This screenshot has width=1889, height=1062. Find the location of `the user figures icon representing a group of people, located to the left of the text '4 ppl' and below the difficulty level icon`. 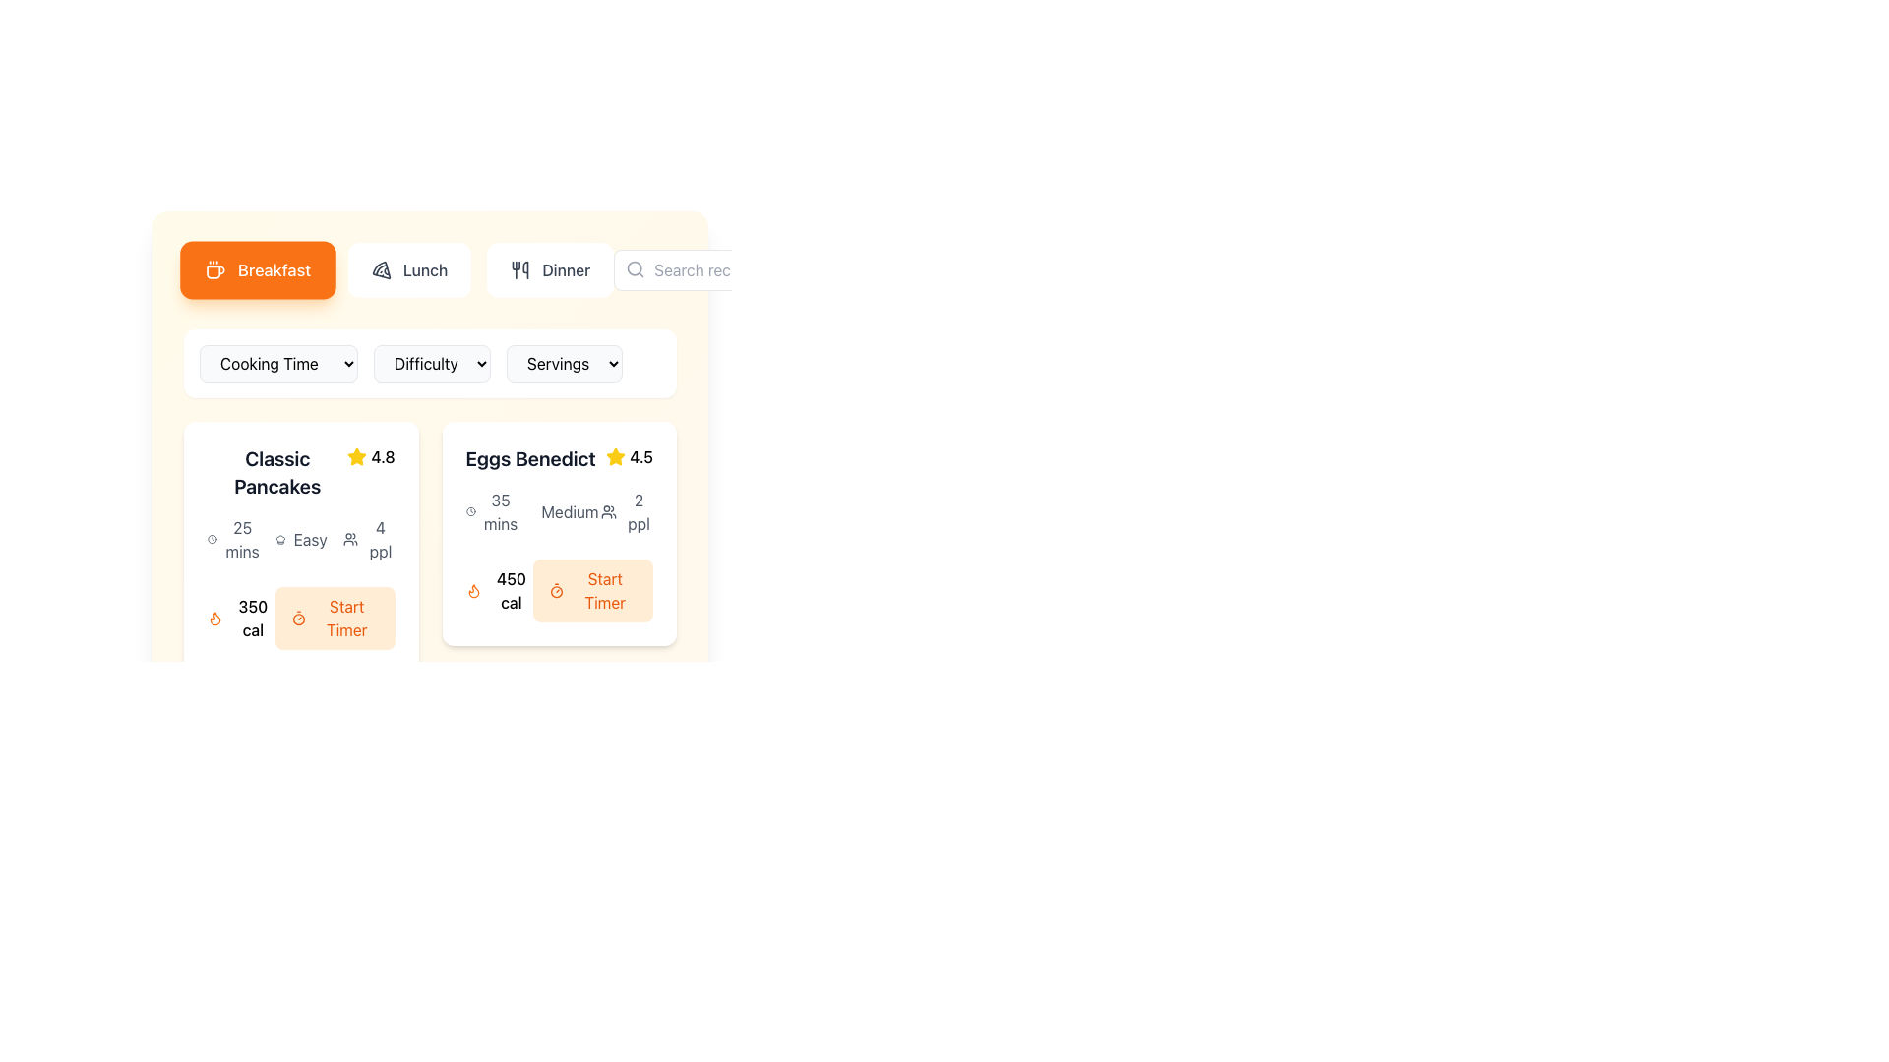

the user figures icon representing a group of people, located to the left of the text '4 ppl' and below the difficulty level icon is located at coordinates (350, 539).